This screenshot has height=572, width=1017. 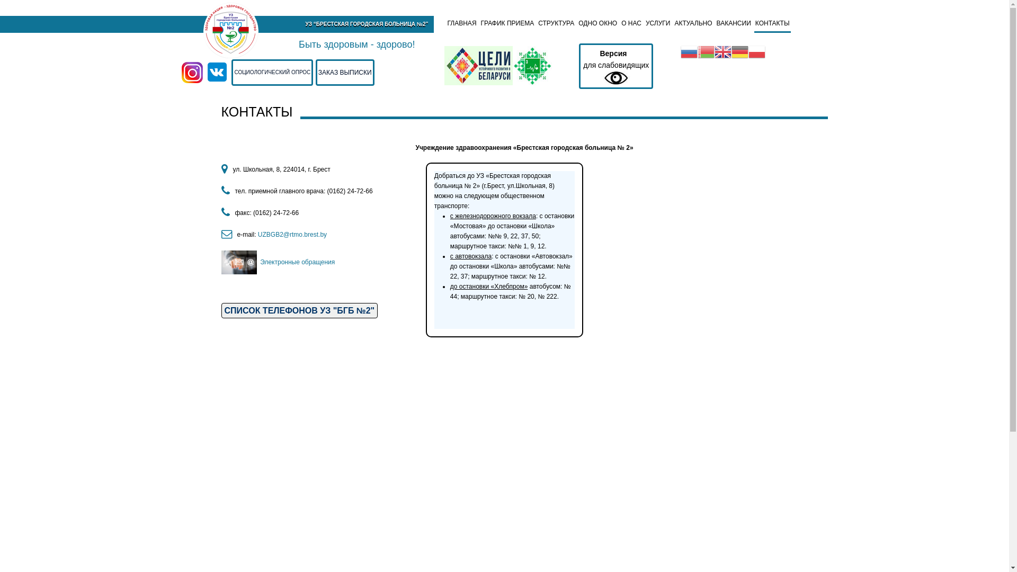 What do you see at coordinates (689, 51) in the screenshot?
I see `'Russian'` at bounding box center [689, 51].